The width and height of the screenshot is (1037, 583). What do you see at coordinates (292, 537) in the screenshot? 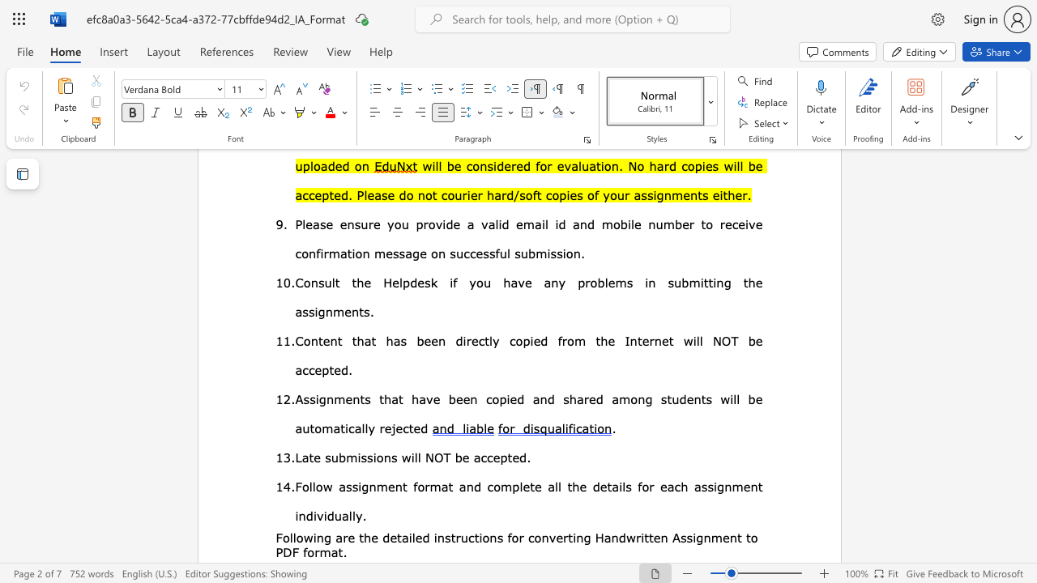
I see `the subset text "lowing are the" within the text "Following are the"` at bounding box center [292, 537].